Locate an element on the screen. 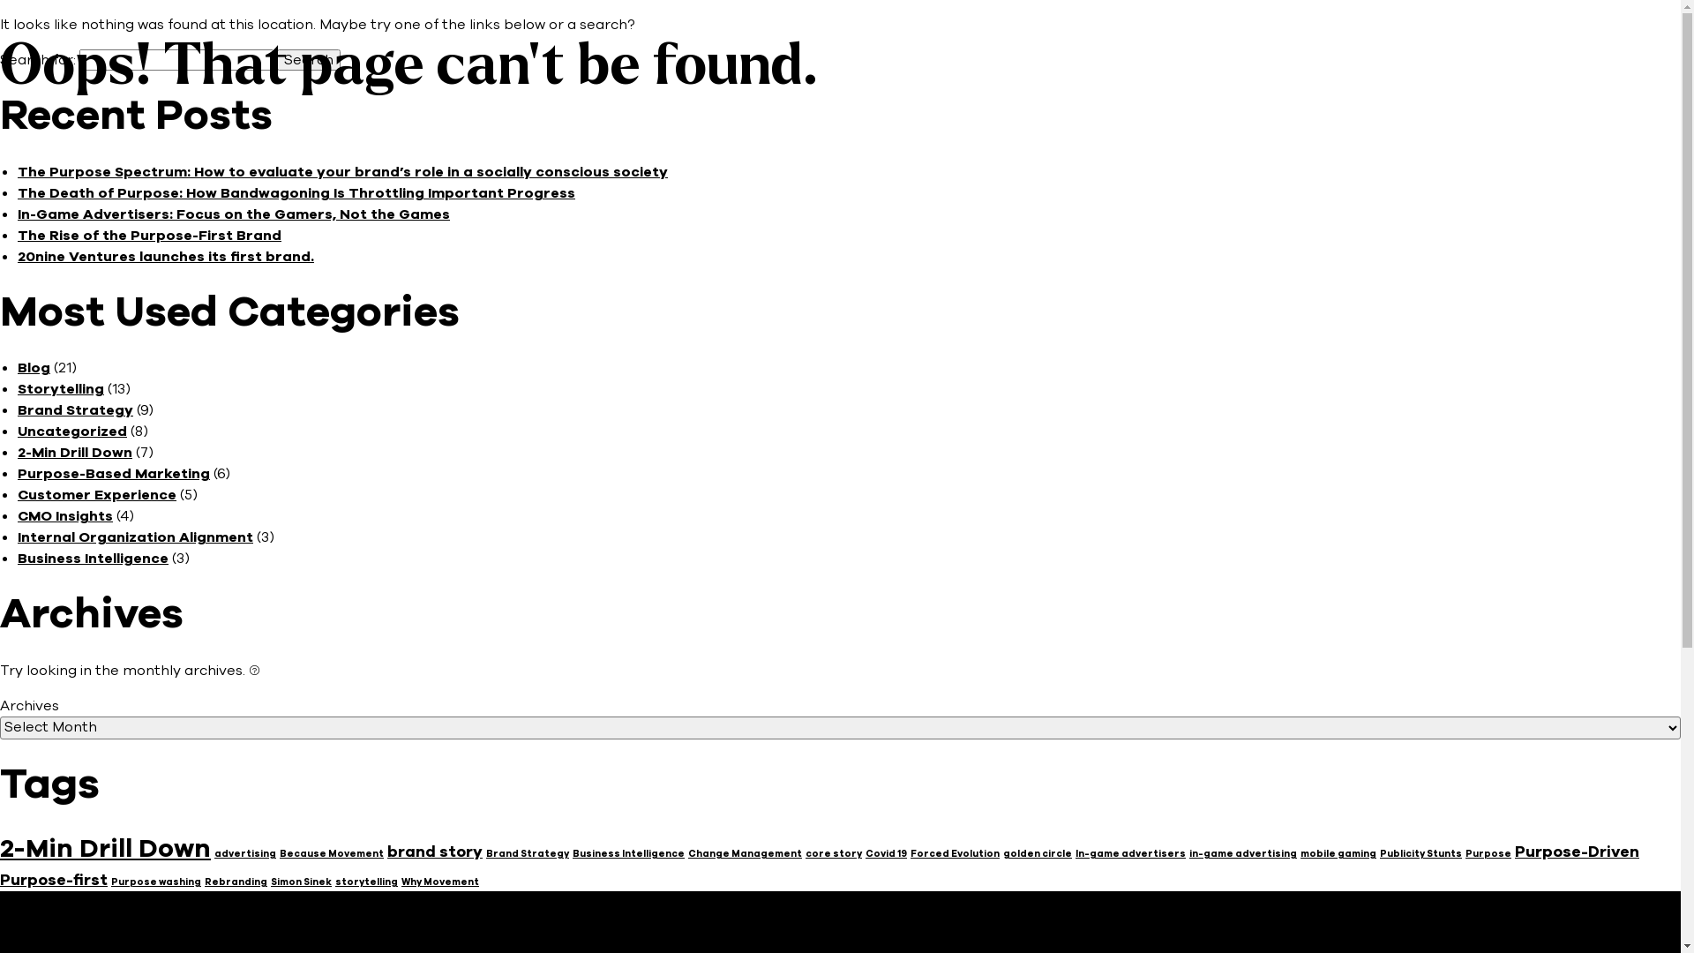  'Purpose-first' is located at coordinates (54, 879).